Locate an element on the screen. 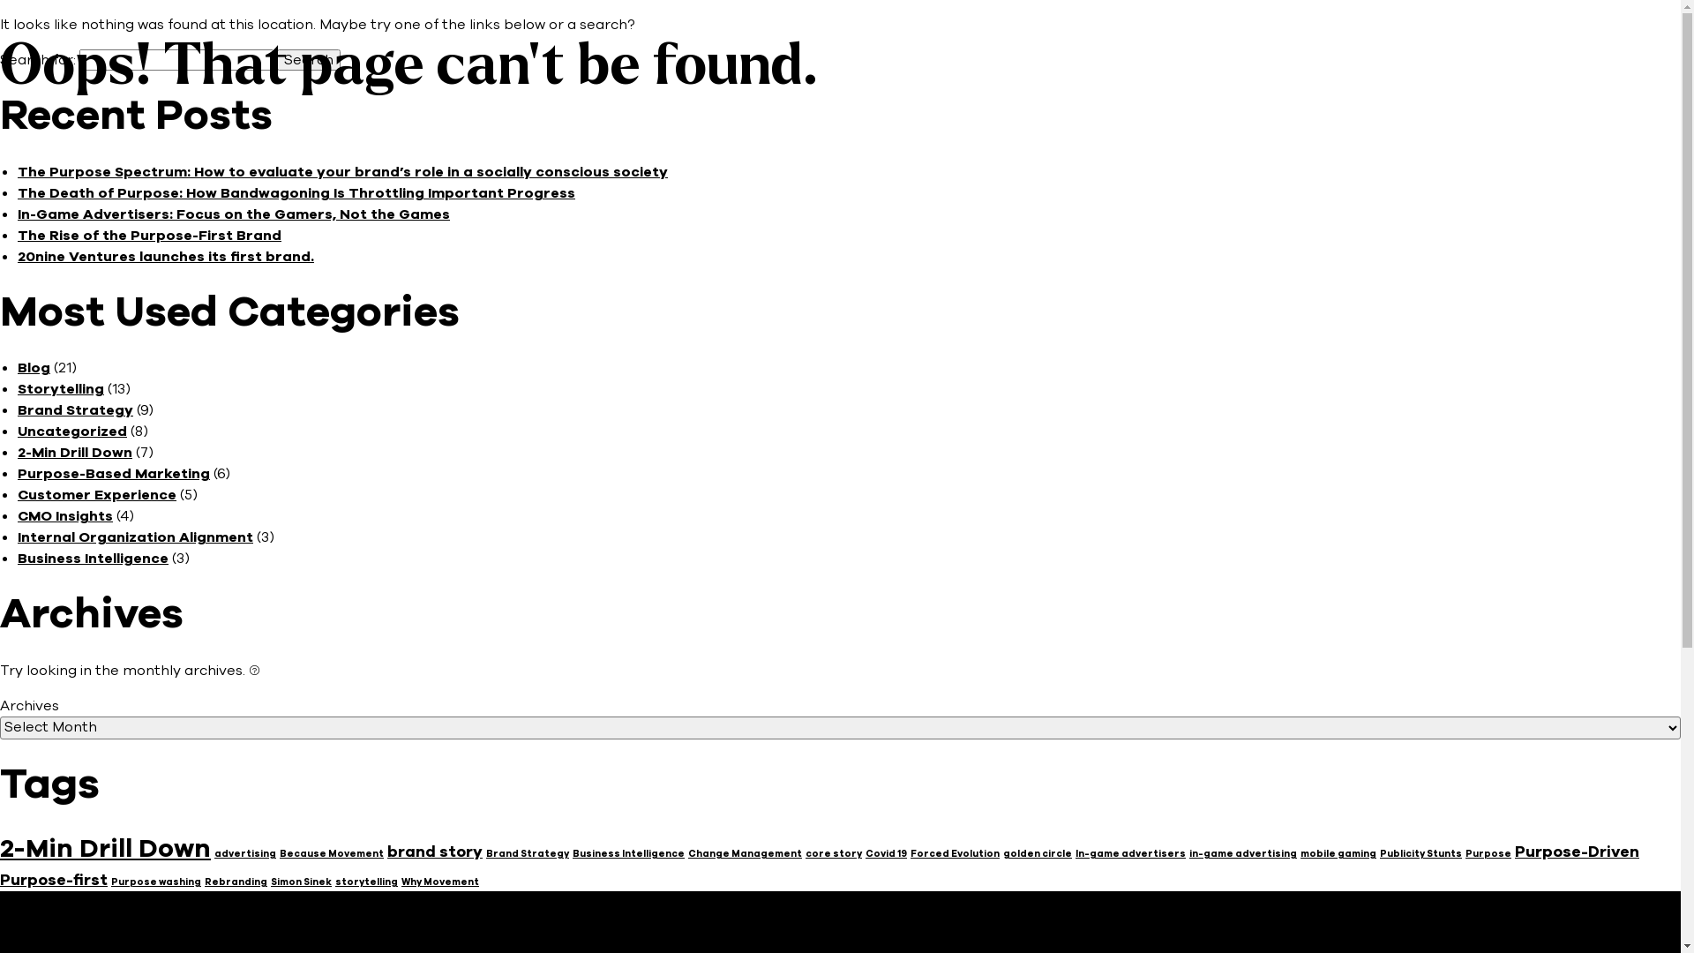  'Purpose-first' is located at coordinates (54, 879).